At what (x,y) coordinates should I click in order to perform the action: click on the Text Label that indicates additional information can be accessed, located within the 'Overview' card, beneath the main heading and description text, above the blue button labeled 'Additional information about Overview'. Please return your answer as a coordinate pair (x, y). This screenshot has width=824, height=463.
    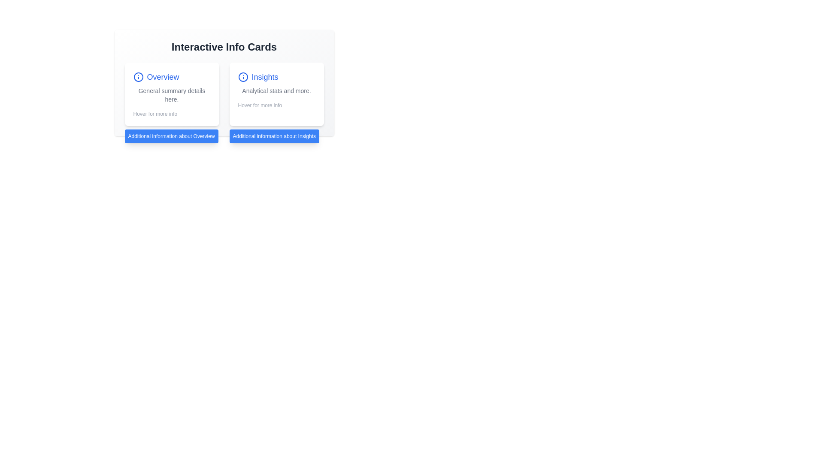
    Looking at the image, I should click on (155, 114).